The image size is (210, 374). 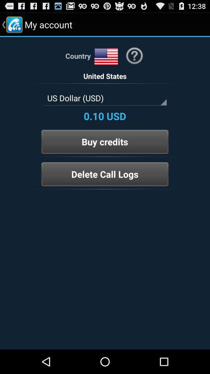 I want to click on the national_flag icon, so click(x=106, y=60).